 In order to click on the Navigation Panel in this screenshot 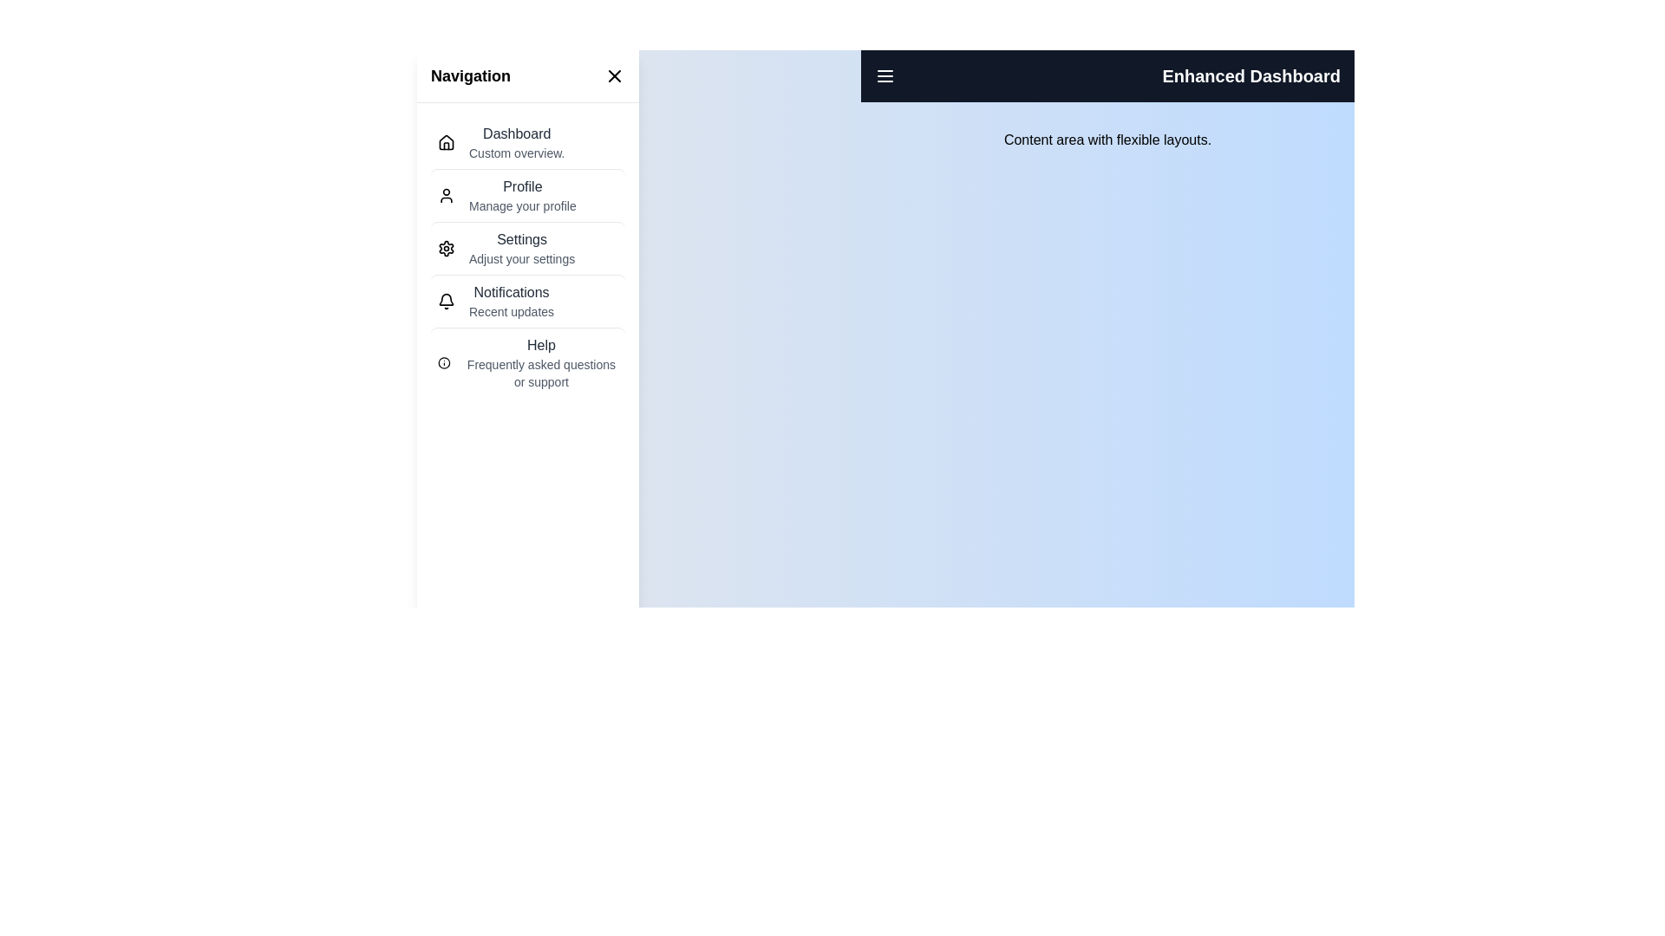, I will do `click(527, 257)`.